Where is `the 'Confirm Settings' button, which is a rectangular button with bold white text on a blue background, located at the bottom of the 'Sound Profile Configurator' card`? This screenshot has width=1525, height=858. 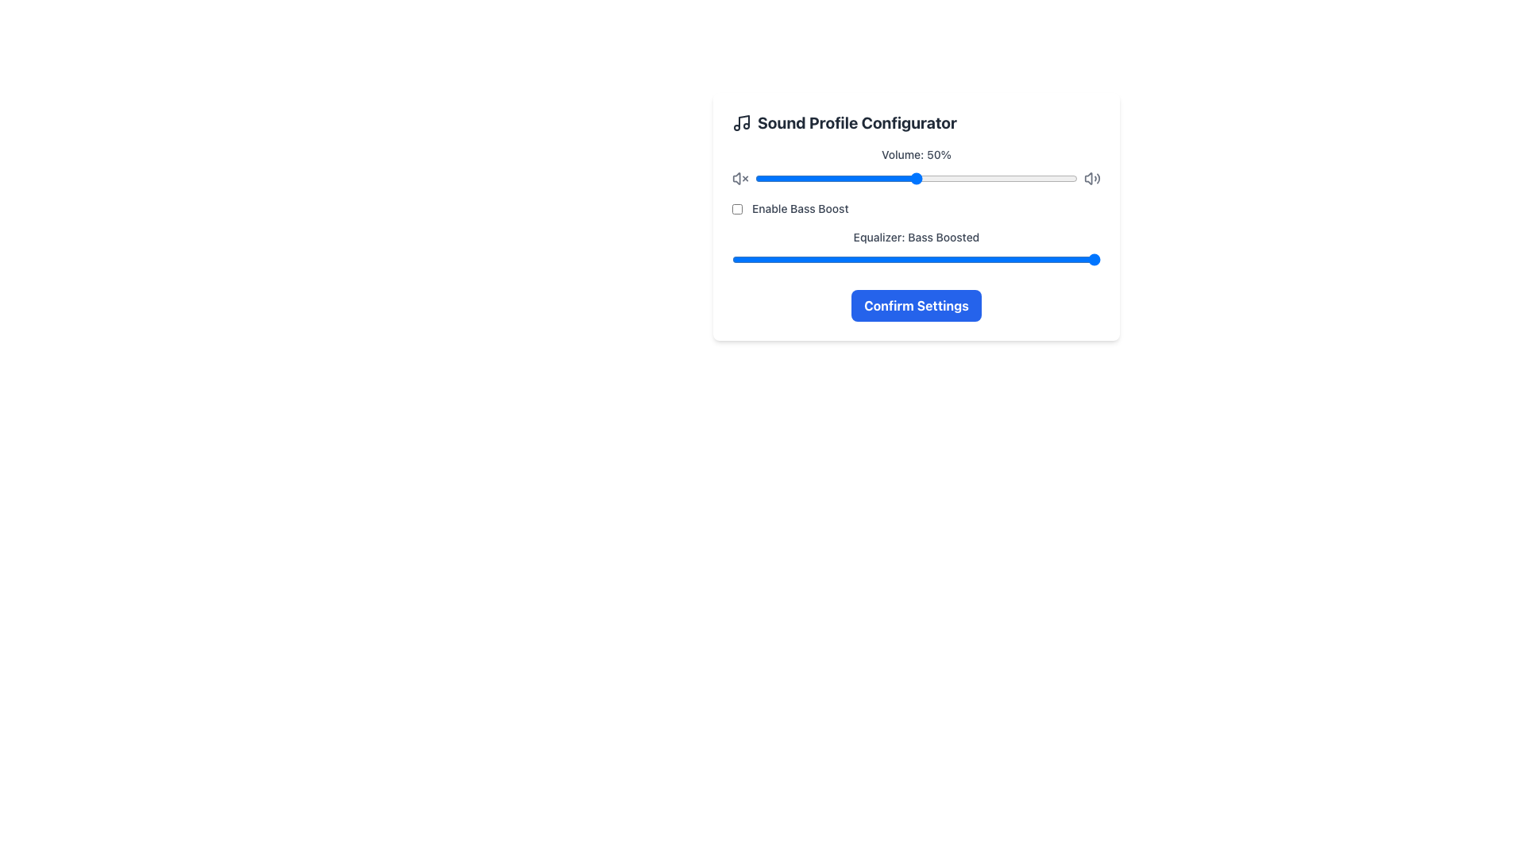
the 'Confirm Settings' button, which is a rectangular button with bold white text on a blue background, located at the bottom of the 'Sound Profile Configurator' card is located at coordinates (916, 306).